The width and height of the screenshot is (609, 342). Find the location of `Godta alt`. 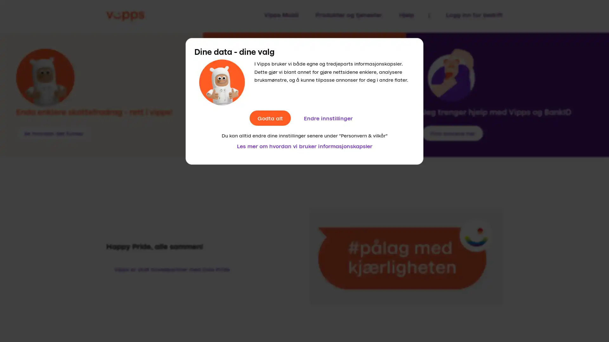

Godta alt is located at coordinates (270, 118).